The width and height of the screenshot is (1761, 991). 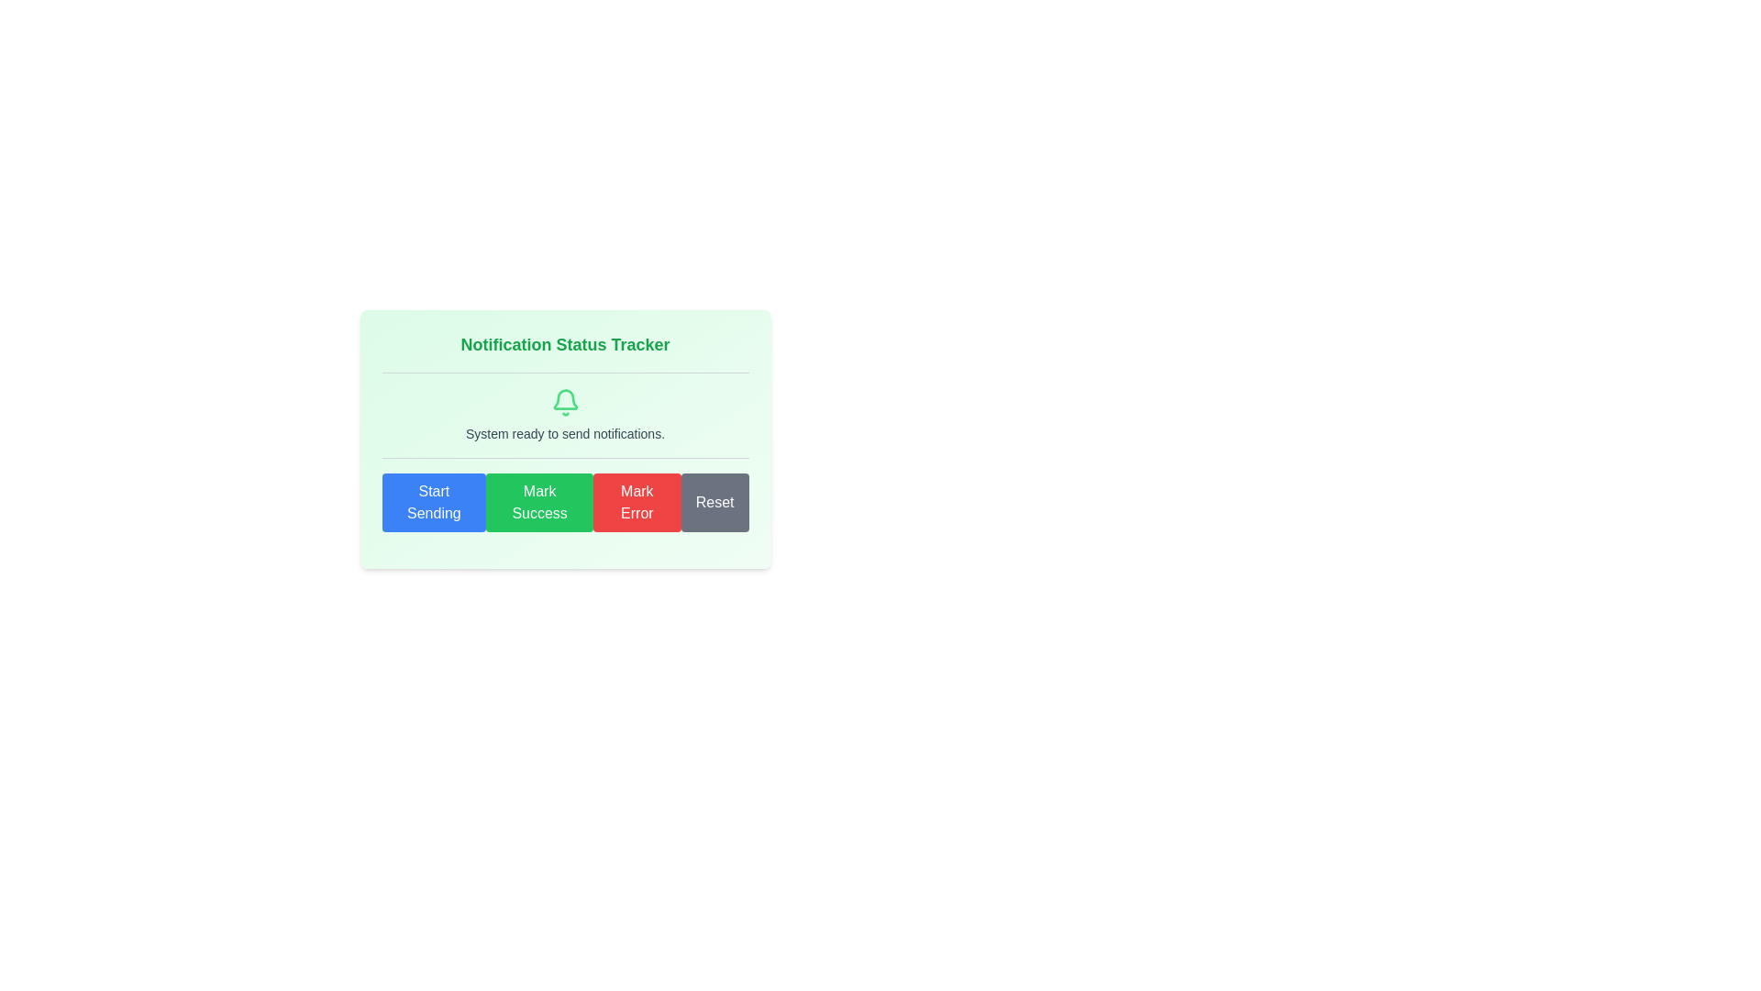 What do you see at coordinates (564, 402) in the screenshot?
I see `the notification alert icon that indicates readiness or activity related to notifications, centrally placed within the interface` at bounding box center [564, 402].